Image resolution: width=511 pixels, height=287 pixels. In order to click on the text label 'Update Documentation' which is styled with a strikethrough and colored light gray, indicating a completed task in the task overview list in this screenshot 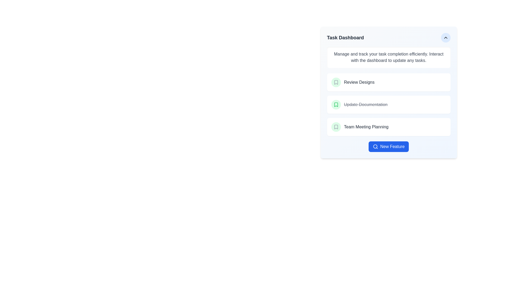, I will do `click(365, 104)`.